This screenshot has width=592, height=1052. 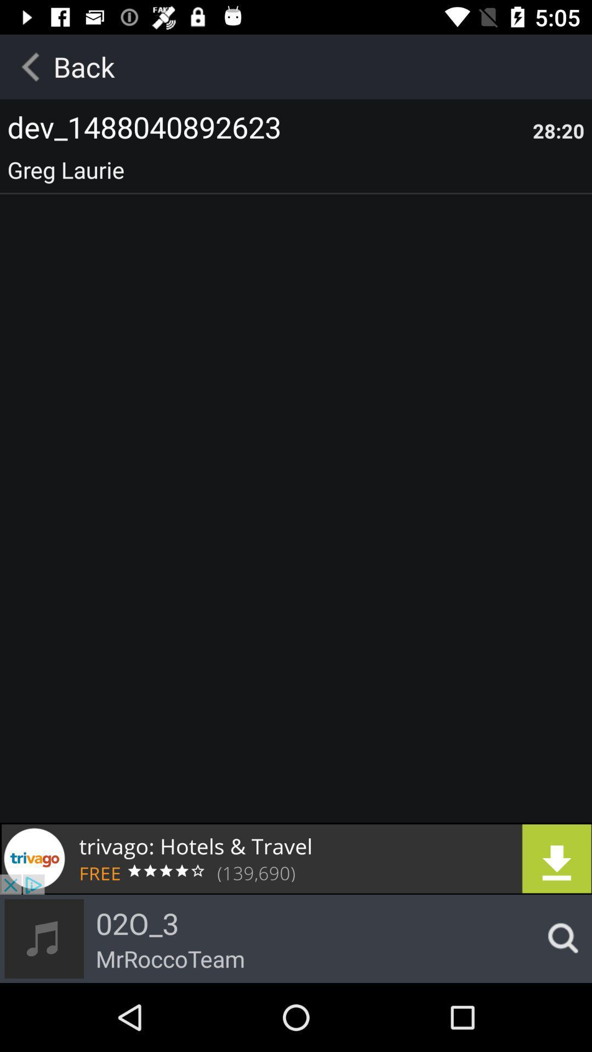 What do you see at coordinates (296, 858) in the screenshot?
I see `advertisement` at bounding box center [296, 858].